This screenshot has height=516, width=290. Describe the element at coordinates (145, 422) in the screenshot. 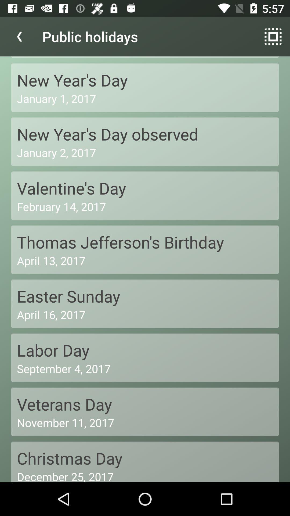

I see `the november 11, 2017` at that location.